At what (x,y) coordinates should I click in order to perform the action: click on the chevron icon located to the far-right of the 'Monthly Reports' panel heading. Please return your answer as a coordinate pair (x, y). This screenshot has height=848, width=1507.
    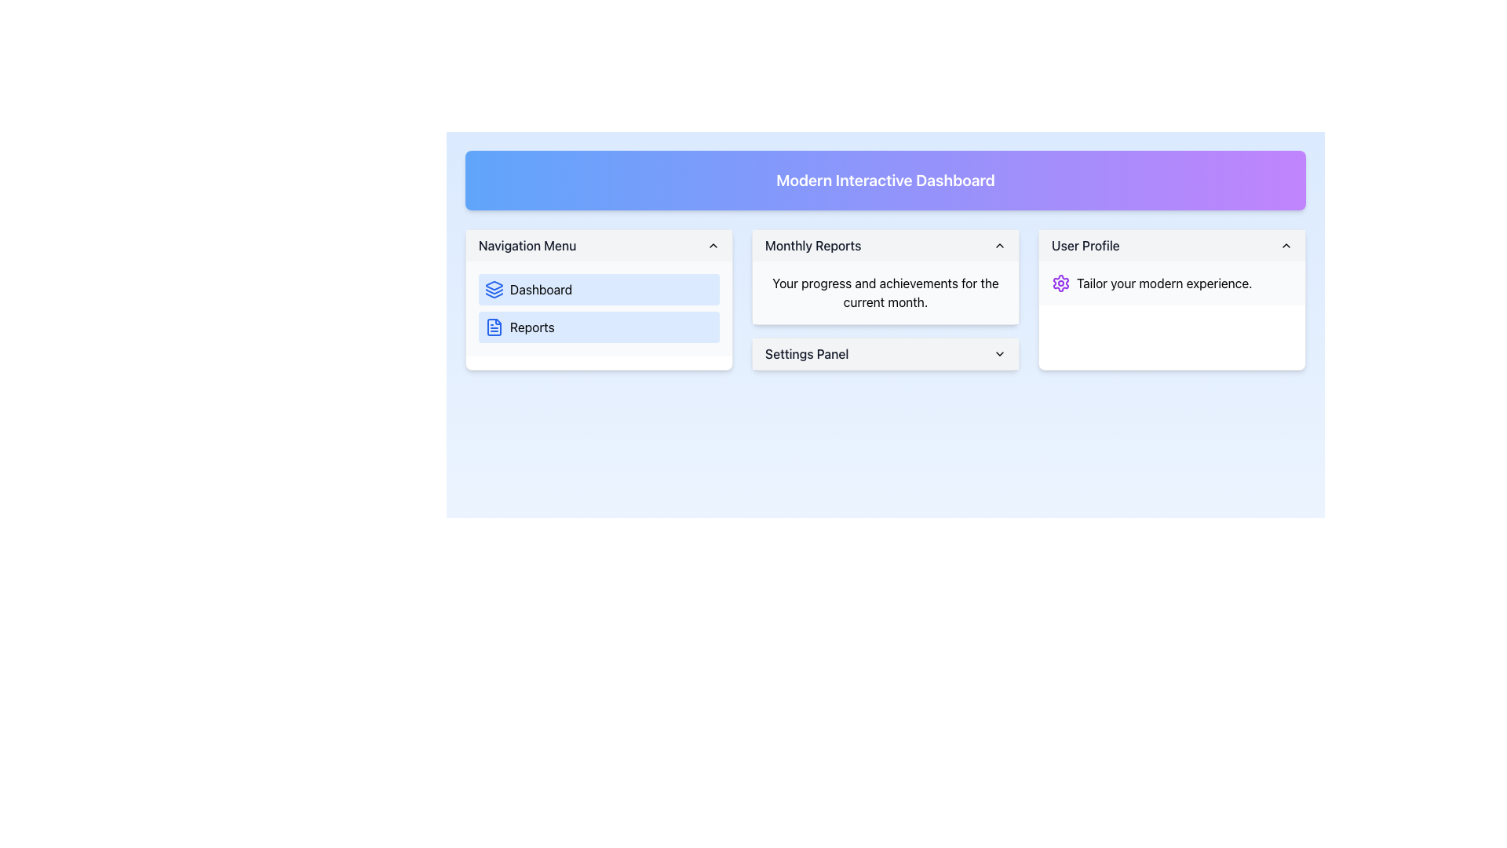
    Looking at the image, I should click on (998, 245).